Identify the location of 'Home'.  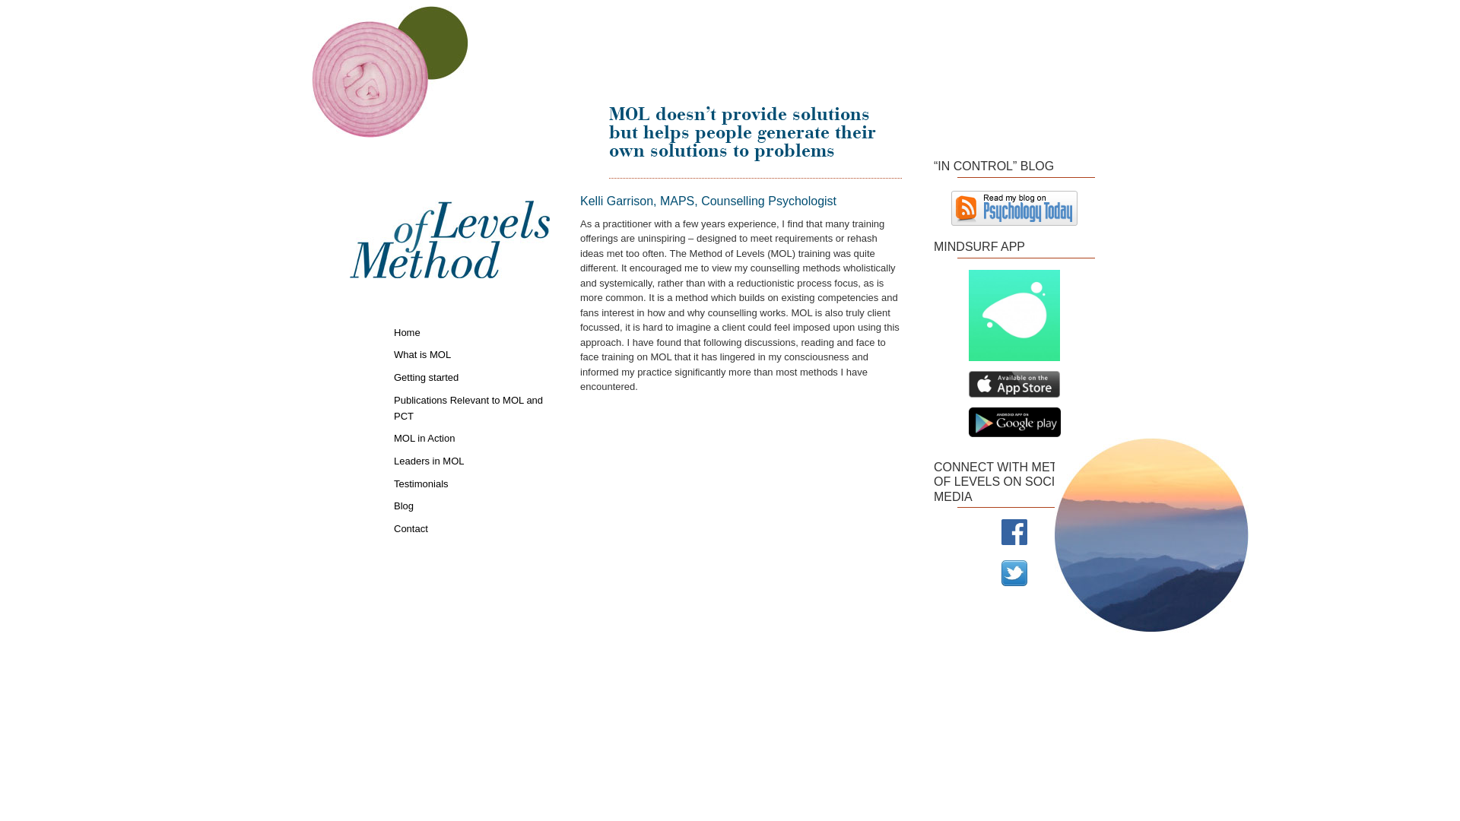
(394, 331).